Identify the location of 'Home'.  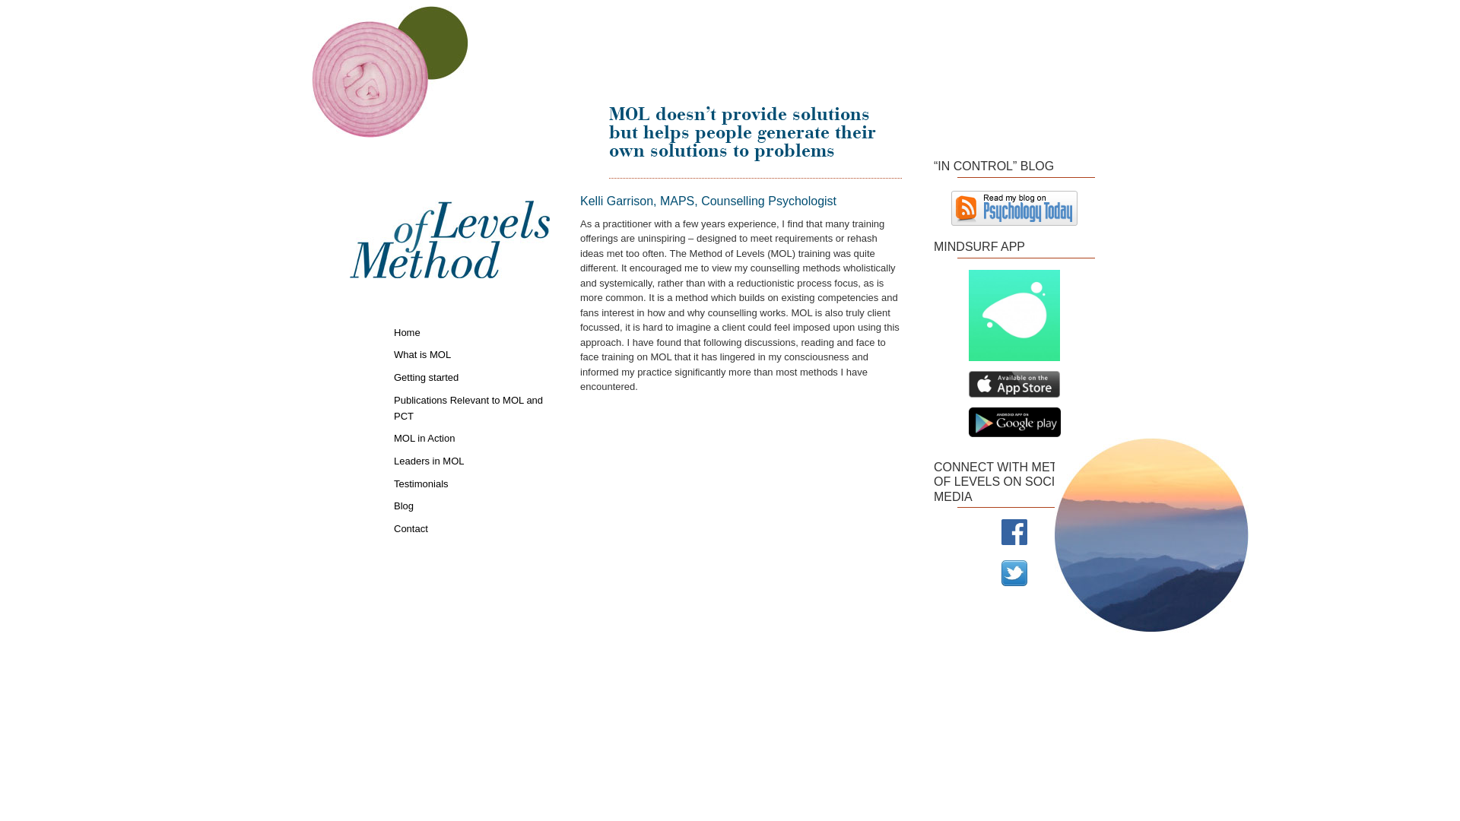
(394, 331).